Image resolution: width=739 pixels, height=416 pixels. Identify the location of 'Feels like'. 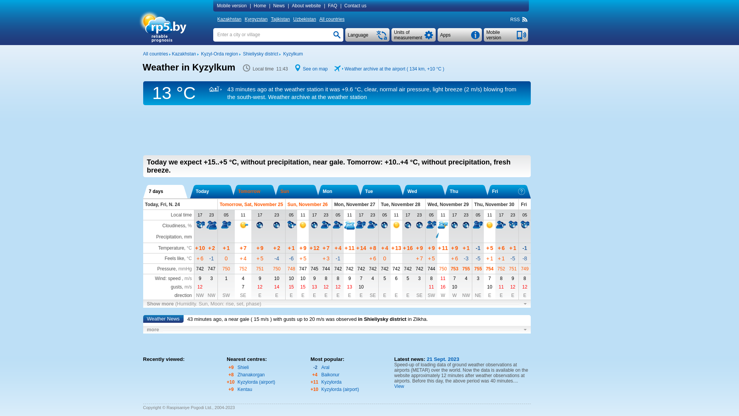
(174, 258).